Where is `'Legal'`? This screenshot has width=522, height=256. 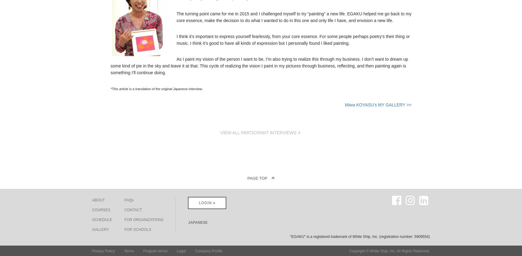
'Legal' is located at coordinates (176, 250).